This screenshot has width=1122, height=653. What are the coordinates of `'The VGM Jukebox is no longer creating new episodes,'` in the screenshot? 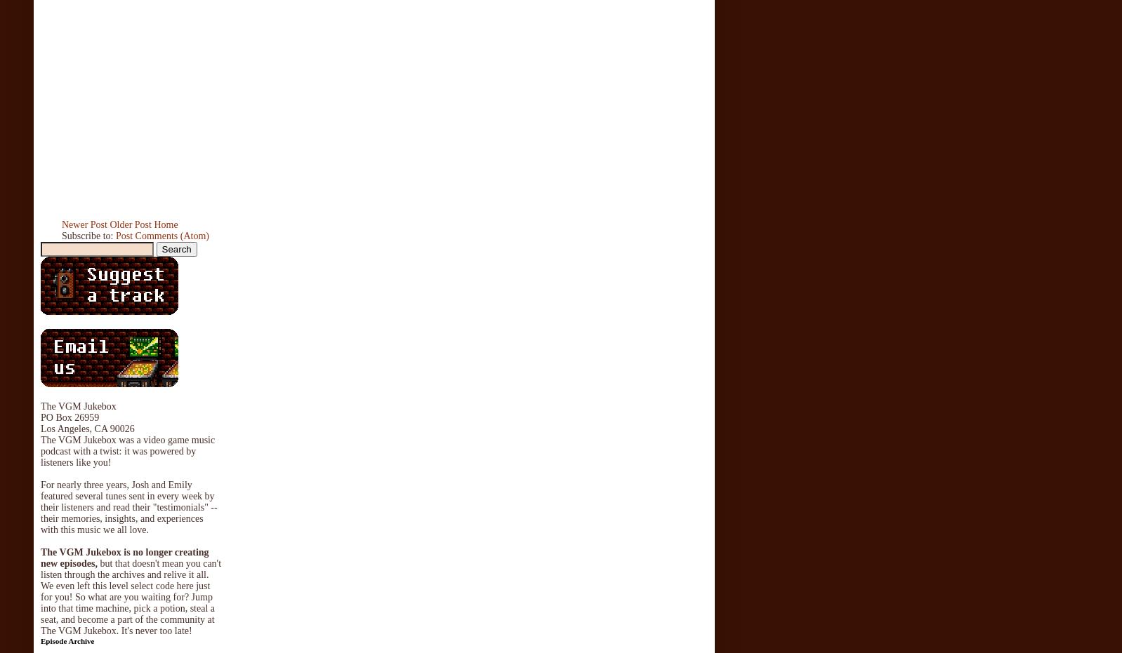 It's located at (124, 557).